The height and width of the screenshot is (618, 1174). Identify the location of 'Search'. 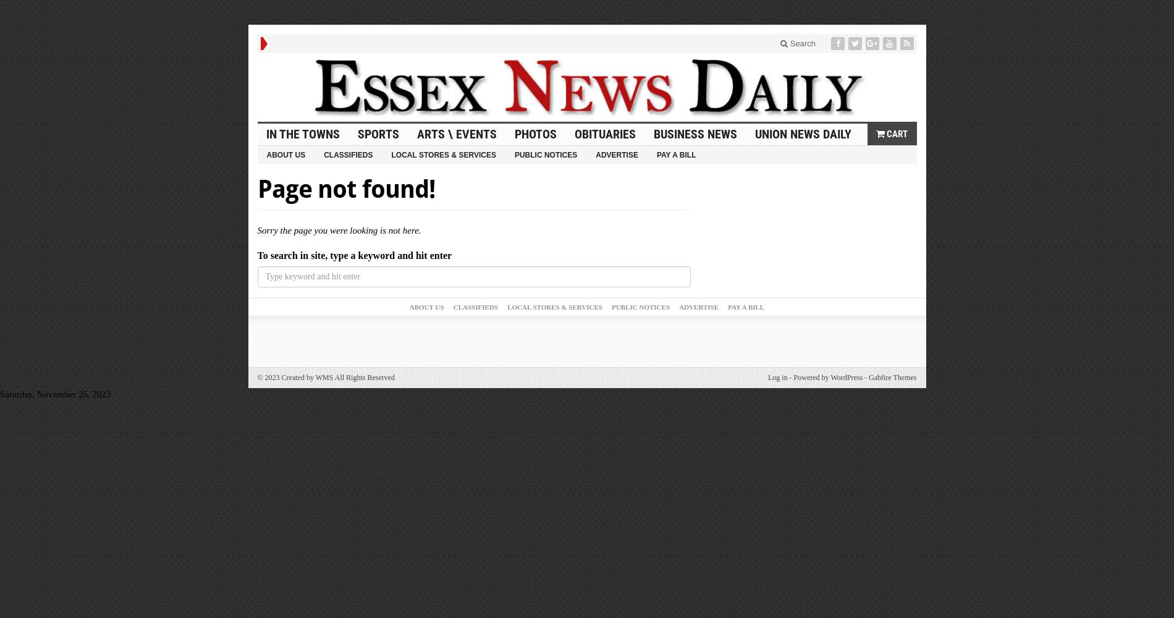
(801, 43).